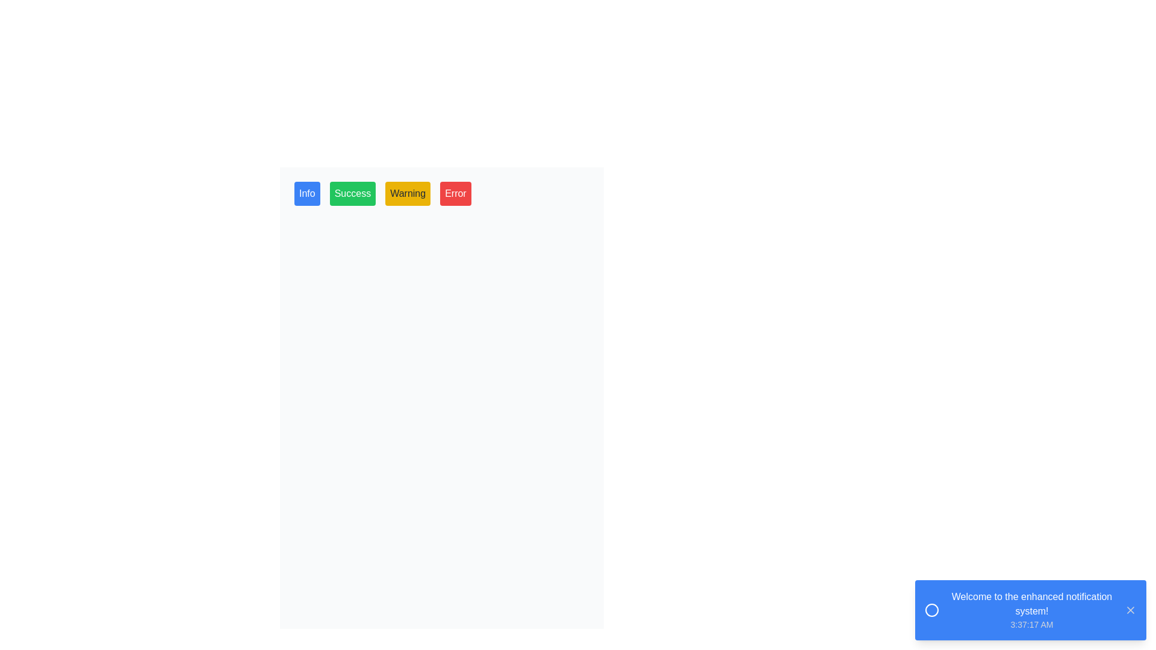  What do you see at coordinates (1130, 610) in the screenshot?
I see `the close icon located at the bottom-right corner of the blue notification card` at bounding box center [1130, 610].